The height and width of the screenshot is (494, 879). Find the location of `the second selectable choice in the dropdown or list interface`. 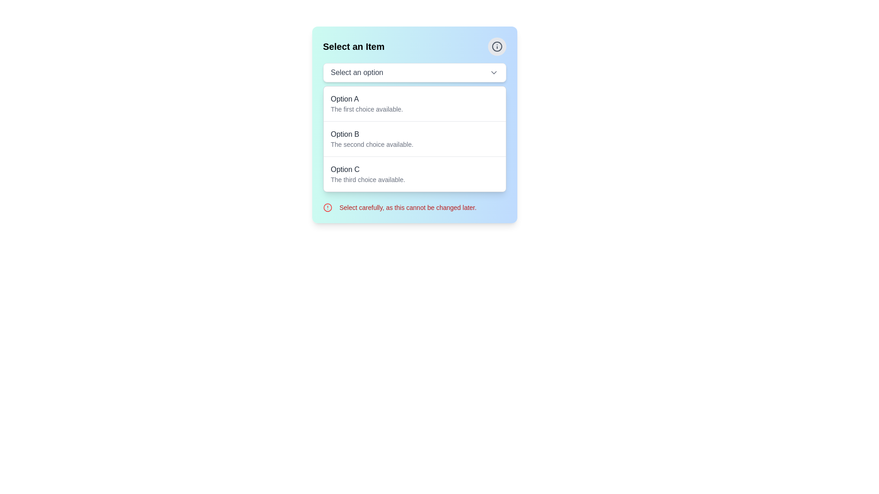

the second selectable choice in the dropdown or list interface is located at coordinates (414, 125).